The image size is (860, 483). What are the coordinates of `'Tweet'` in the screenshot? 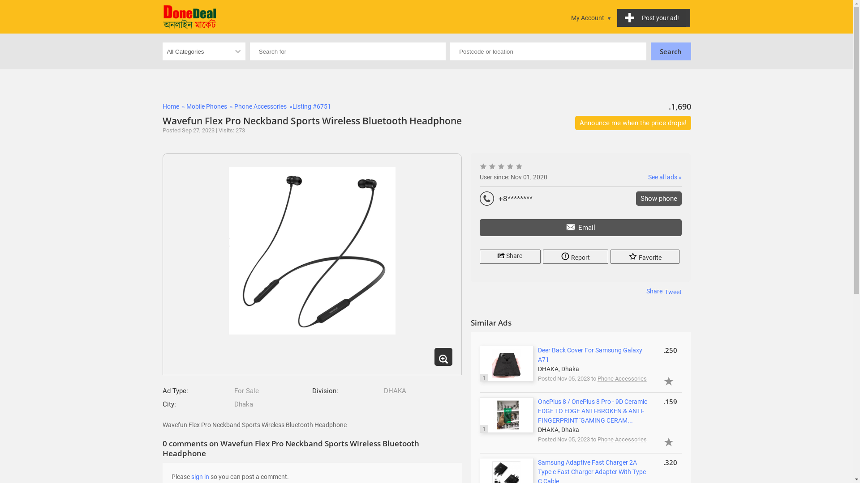 It's located at (673, 292).